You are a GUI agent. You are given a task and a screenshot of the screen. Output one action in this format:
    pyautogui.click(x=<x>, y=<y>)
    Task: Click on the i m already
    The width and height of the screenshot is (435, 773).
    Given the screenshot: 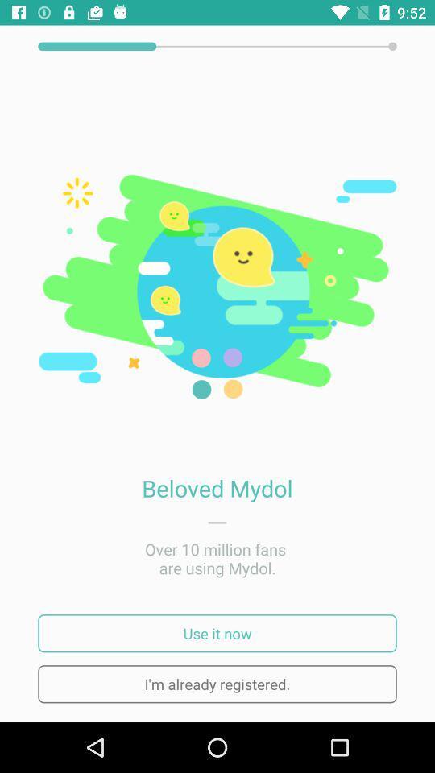 What is the action you would take?
    pyautogui.click(x=217, y=683)
    